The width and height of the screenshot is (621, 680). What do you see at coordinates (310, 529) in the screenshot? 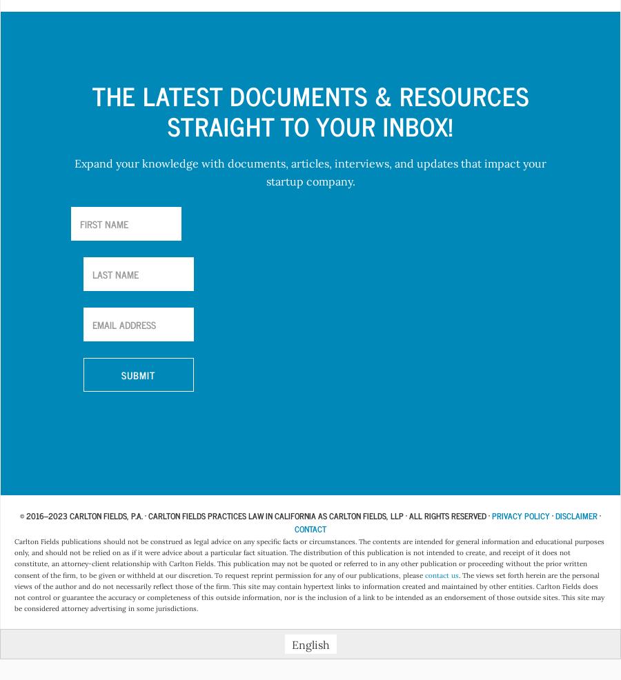
I see `'Contact'` at bounding box center [310, 529].